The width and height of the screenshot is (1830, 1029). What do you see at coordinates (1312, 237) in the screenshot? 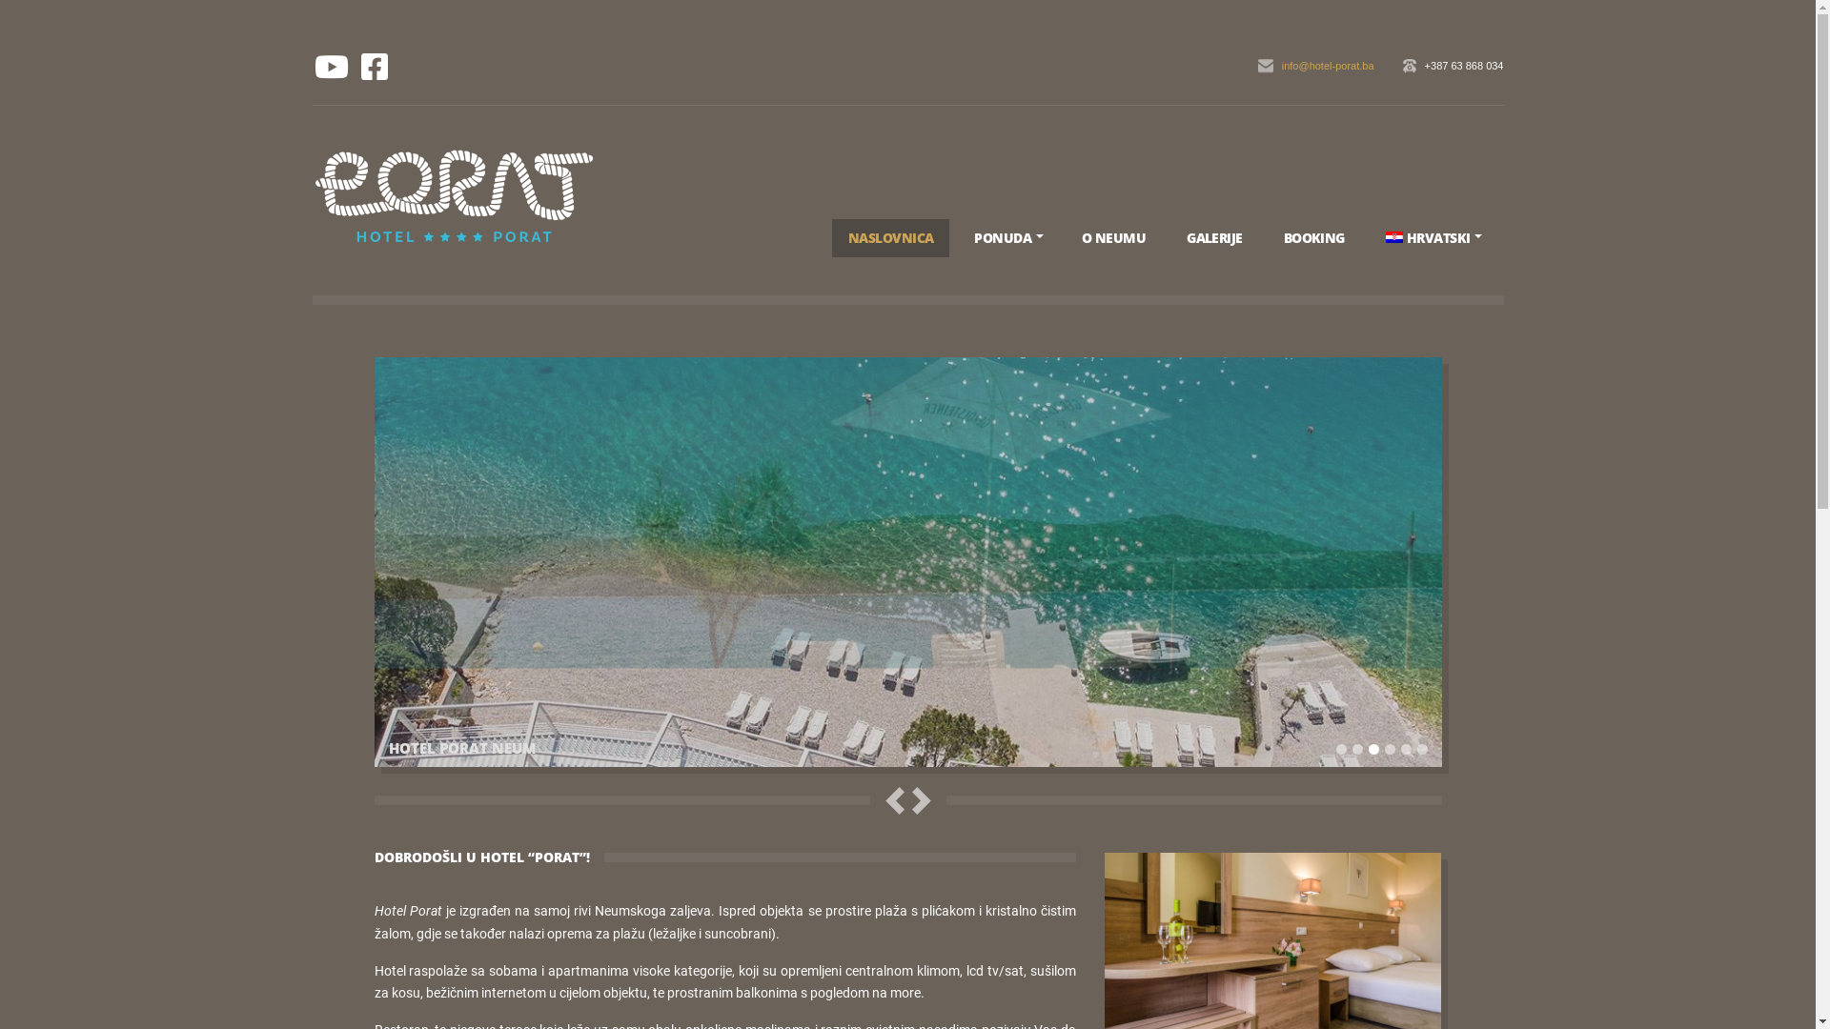
I see `'BOOKING'` at bounding box center [1312, 237].